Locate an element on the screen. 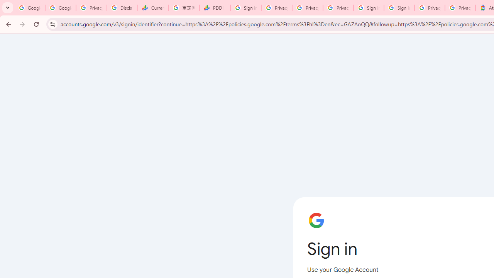  'Privacy Checkup' is located at coordinates (338, 8).